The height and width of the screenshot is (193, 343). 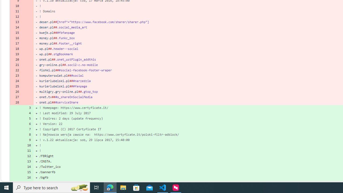 I want to click on '8', so click(x=27, y=134).